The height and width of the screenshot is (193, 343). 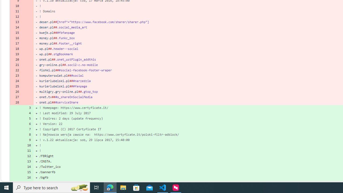 I want to click on '8', so click(x=27, y=134).